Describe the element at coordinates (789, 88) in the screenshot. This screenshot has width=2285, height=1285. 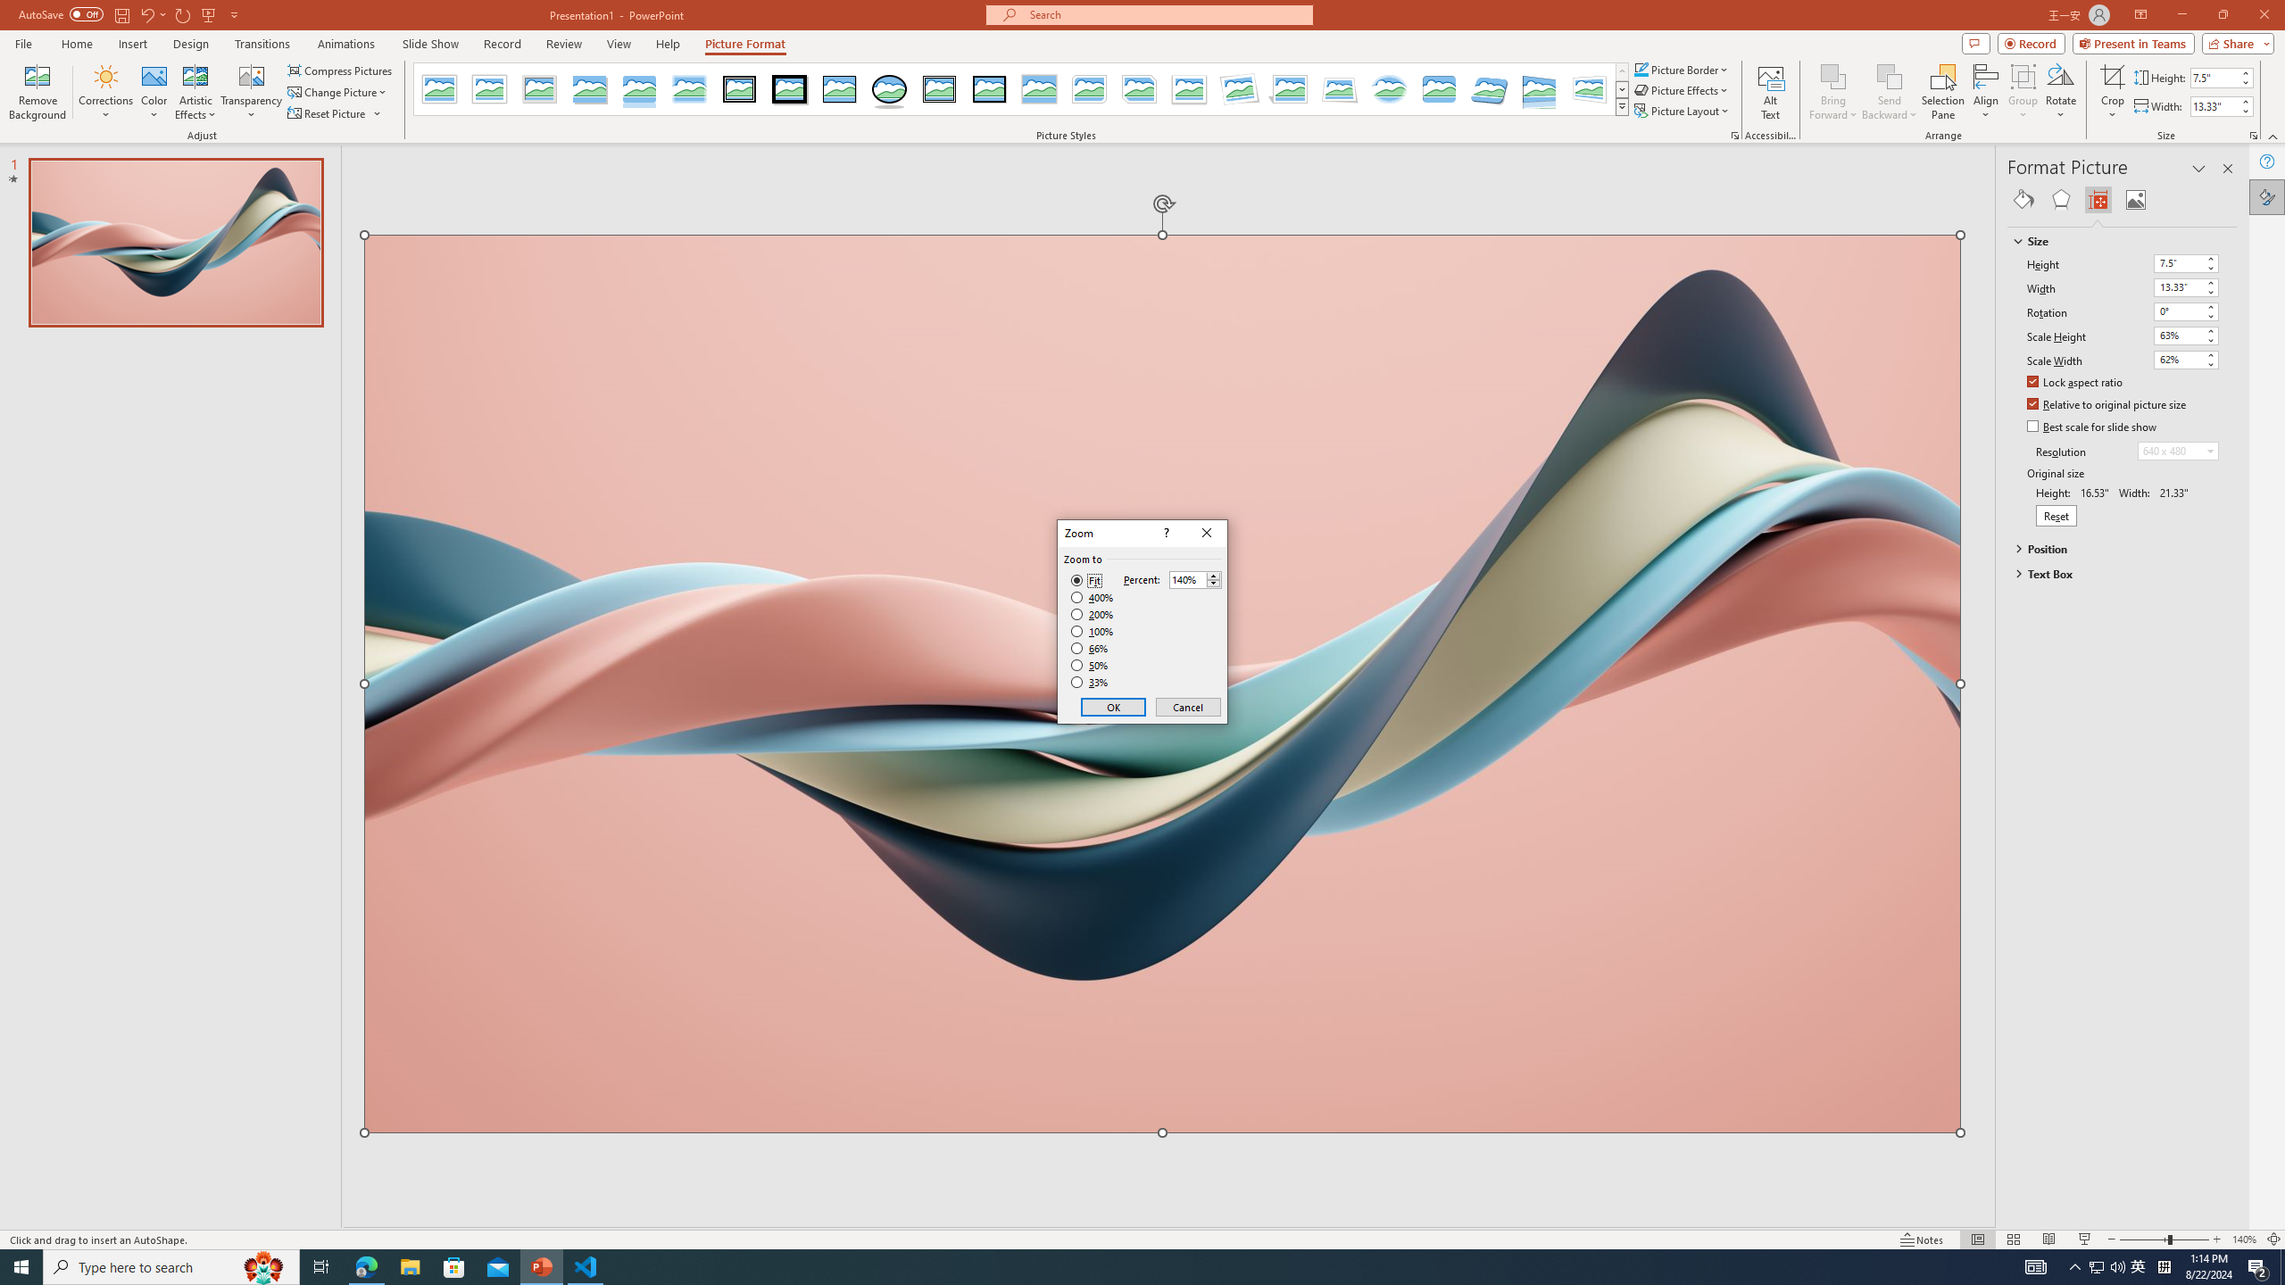
I see `'Thick Matte, Black'` at that location.